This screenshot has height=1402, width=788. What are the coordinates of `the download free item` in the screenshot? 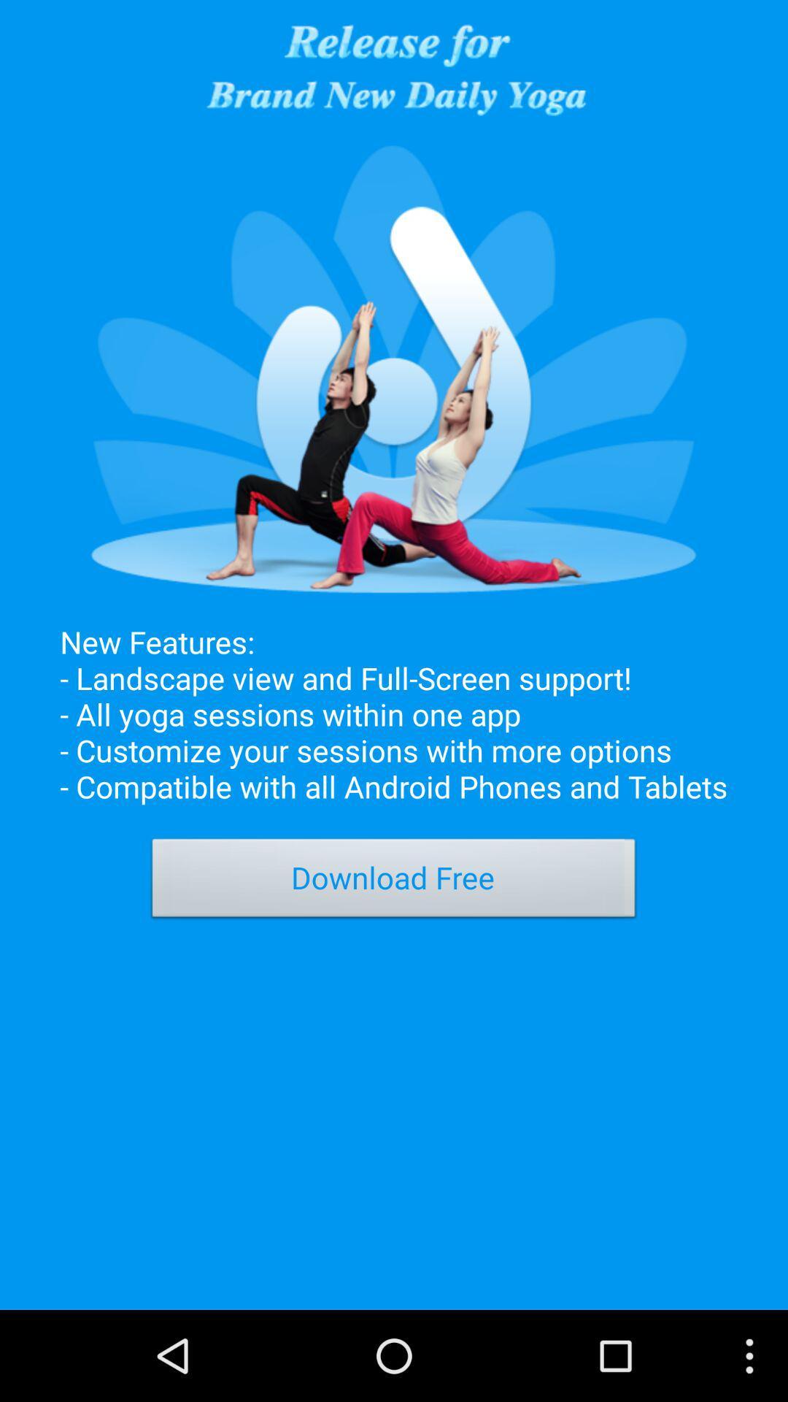 It's located at (394, 881).